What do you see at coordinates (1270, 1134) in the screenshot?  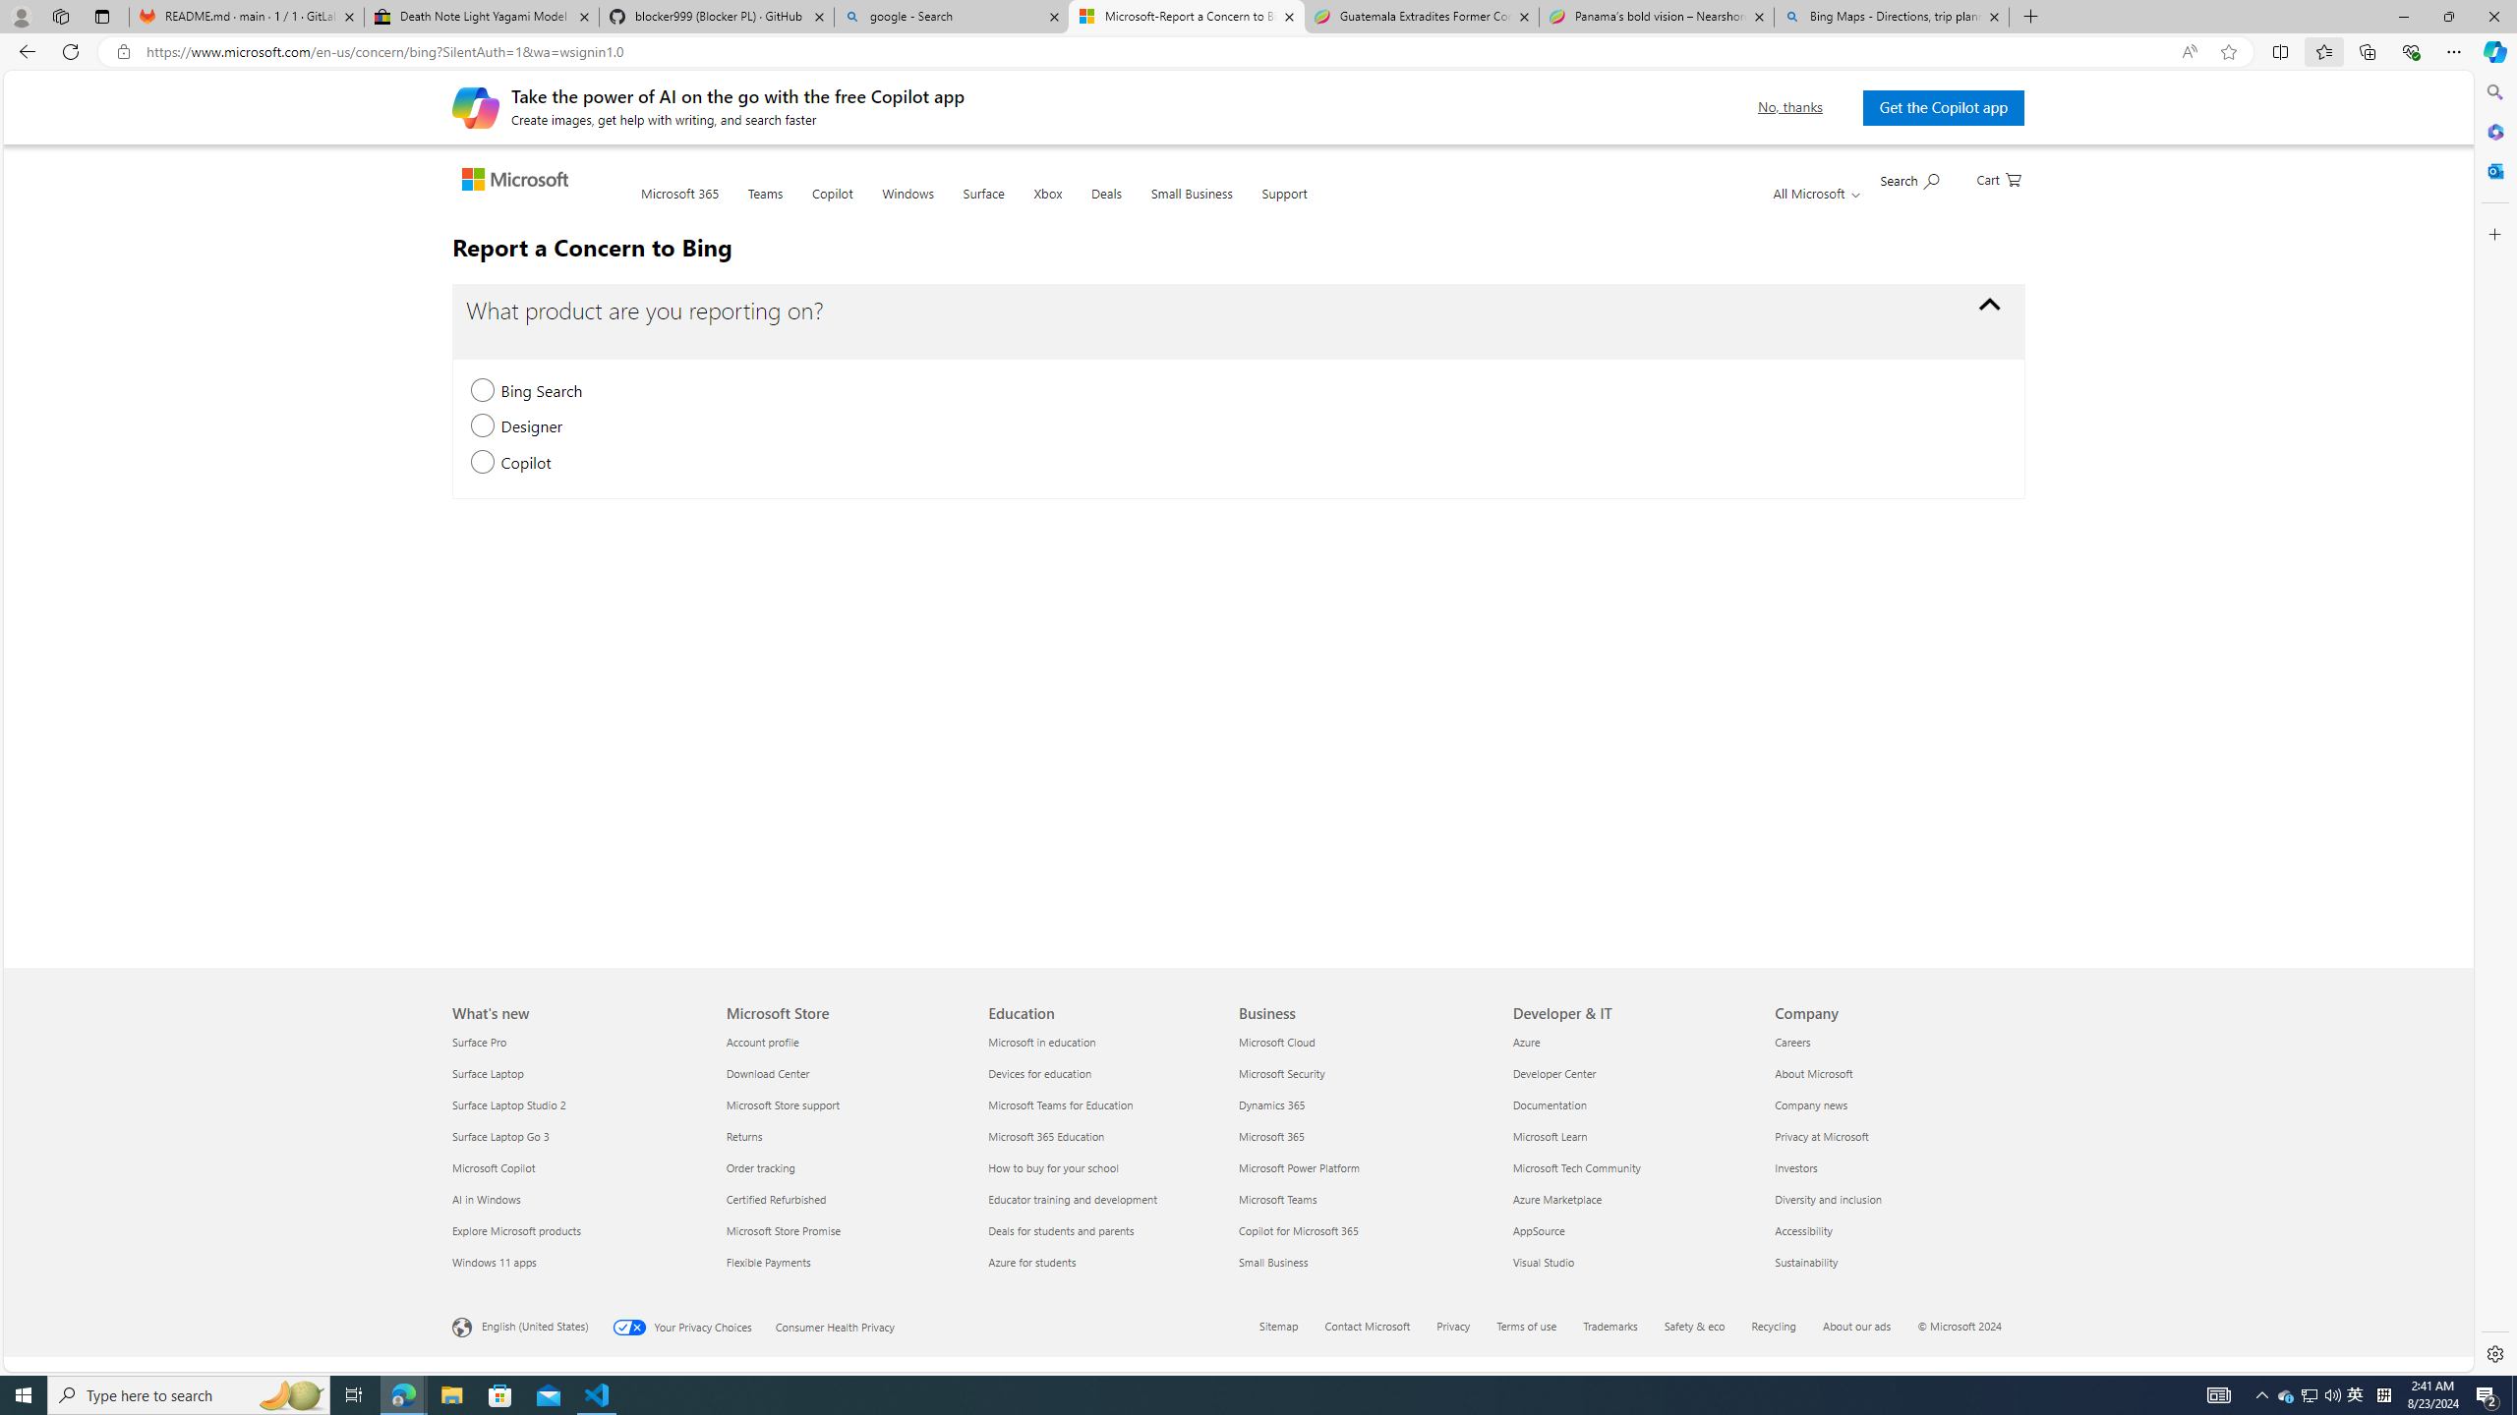 I see `'Microsoft 365 Business'` at bounding box center [1270, 1134].